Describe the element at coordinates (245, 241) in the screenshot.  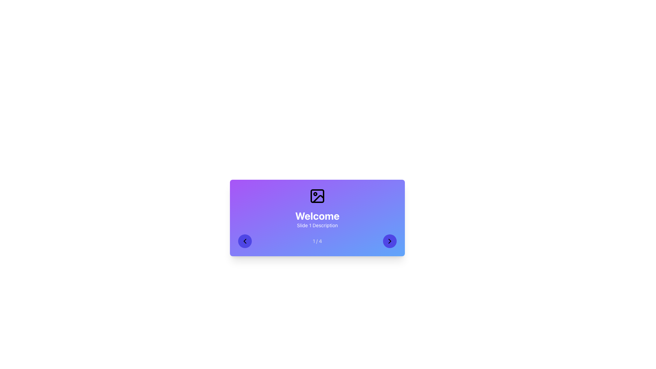
I see `the button located at the bottom-left corner of the card` at that location.